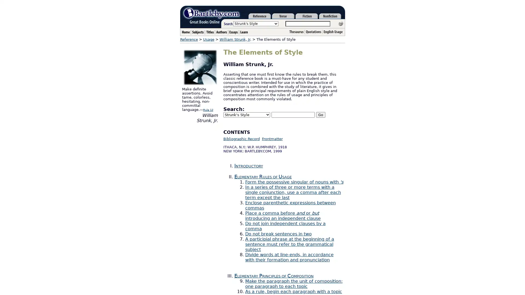 The image size is (525, 295). I want to click on Go, so click(320, 114).